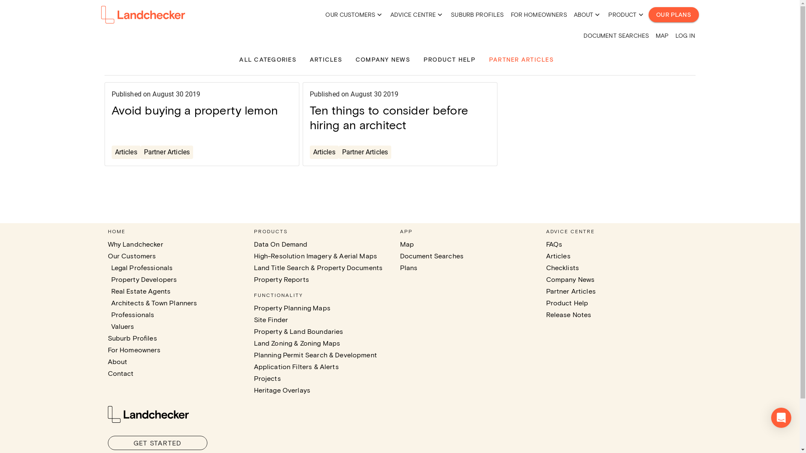 This screenshot has height=453, width=806. I want to click on 'Property Developers', so click(144, 279).